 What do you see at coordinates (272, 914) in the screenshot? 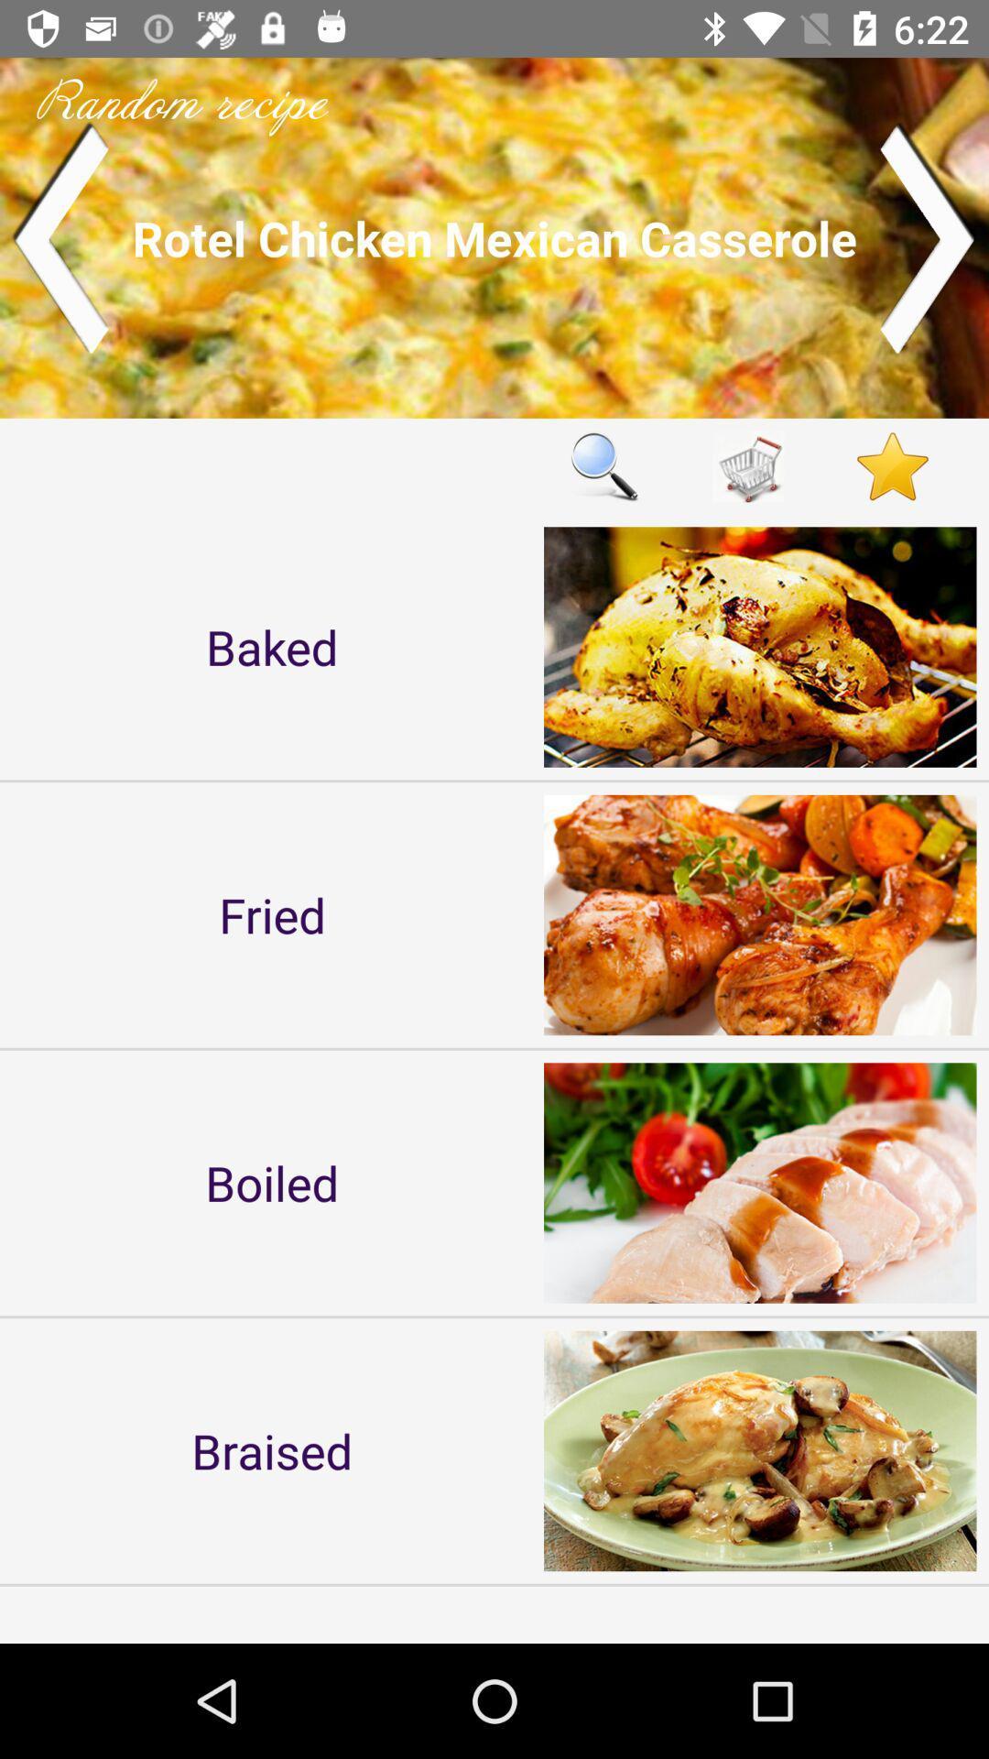
I see `icon above the boiled item` at bounding box center [272, 914].